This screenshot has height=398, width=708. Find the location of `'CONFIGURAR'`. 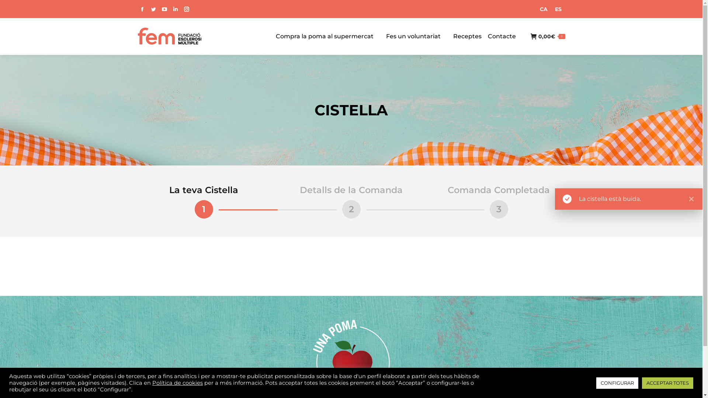

'CONFIGURAR' is located at coordinates (617, 383).